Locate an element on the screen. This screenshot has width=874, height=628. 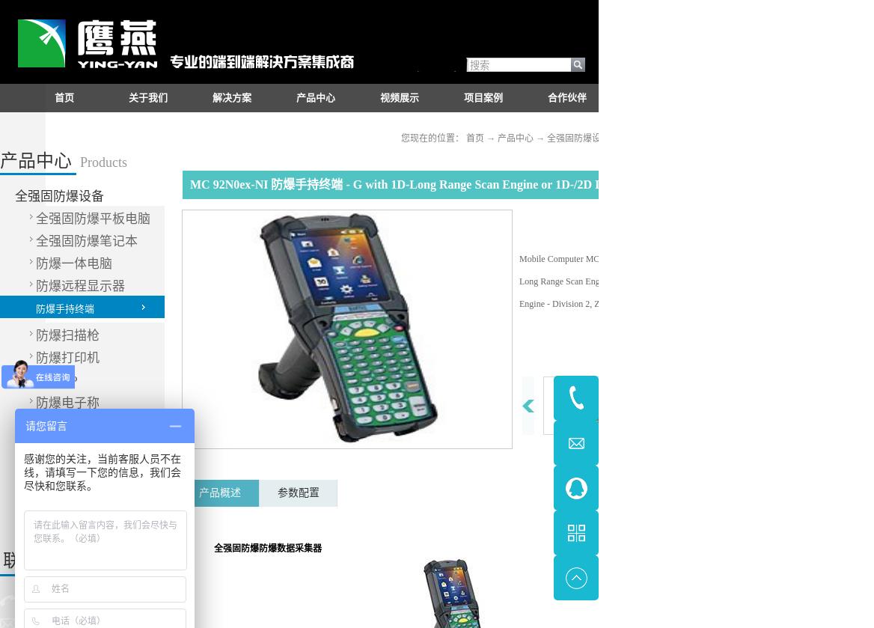
'Engine or 1D-/2D Imager' is located at coordinates (630, 281).